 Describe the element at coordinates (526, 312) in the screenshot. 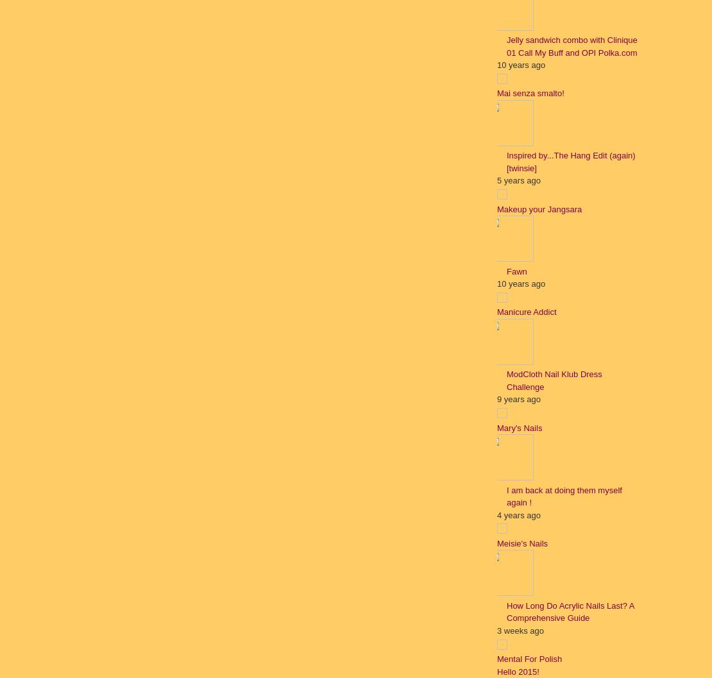

I see `'Manicure Addict'` at that location.